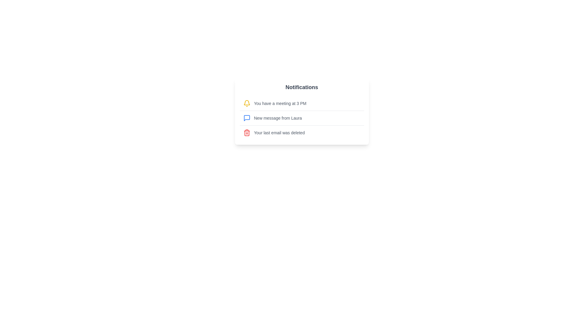 Image resolution: width=574 pixels, height=323 pixels. I want to click on the first notification message indicating a scheduled meeting at 3 PM, which is positioned to the right of the bell icon and above the other notifications, so click(280, 103).